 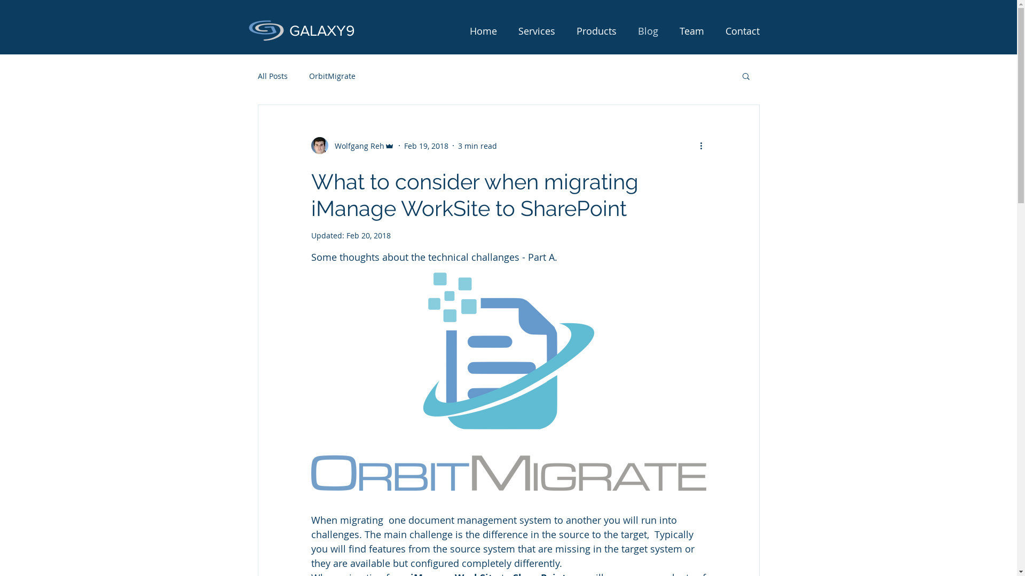 What do you see at coordinates (321, 30) in the screenshot?
I see `'GALAXY9'` at bounding box center [321, 30].